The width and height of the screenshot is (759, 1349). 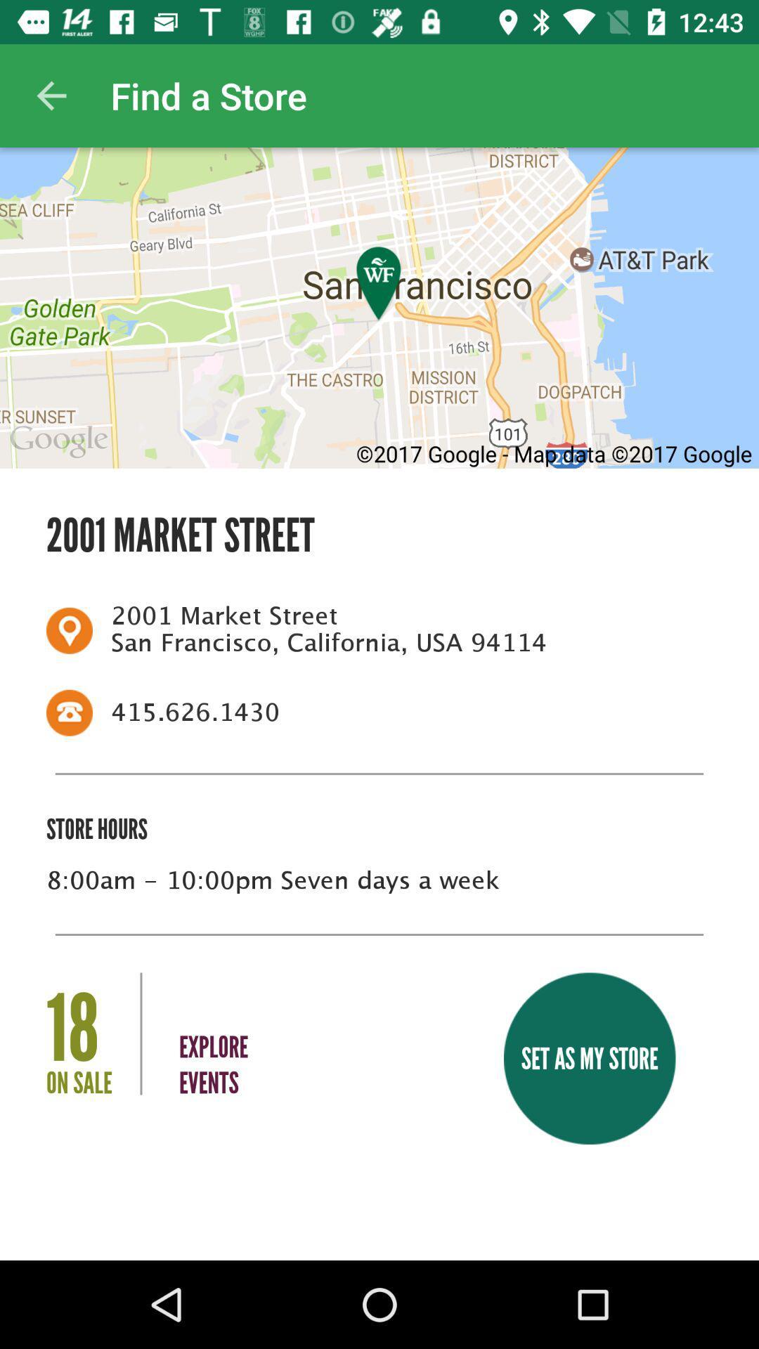 What do you see at coordinates (590, 1058) in the screenshot?
I see `the set as my` at bounding box center [590, 1058].